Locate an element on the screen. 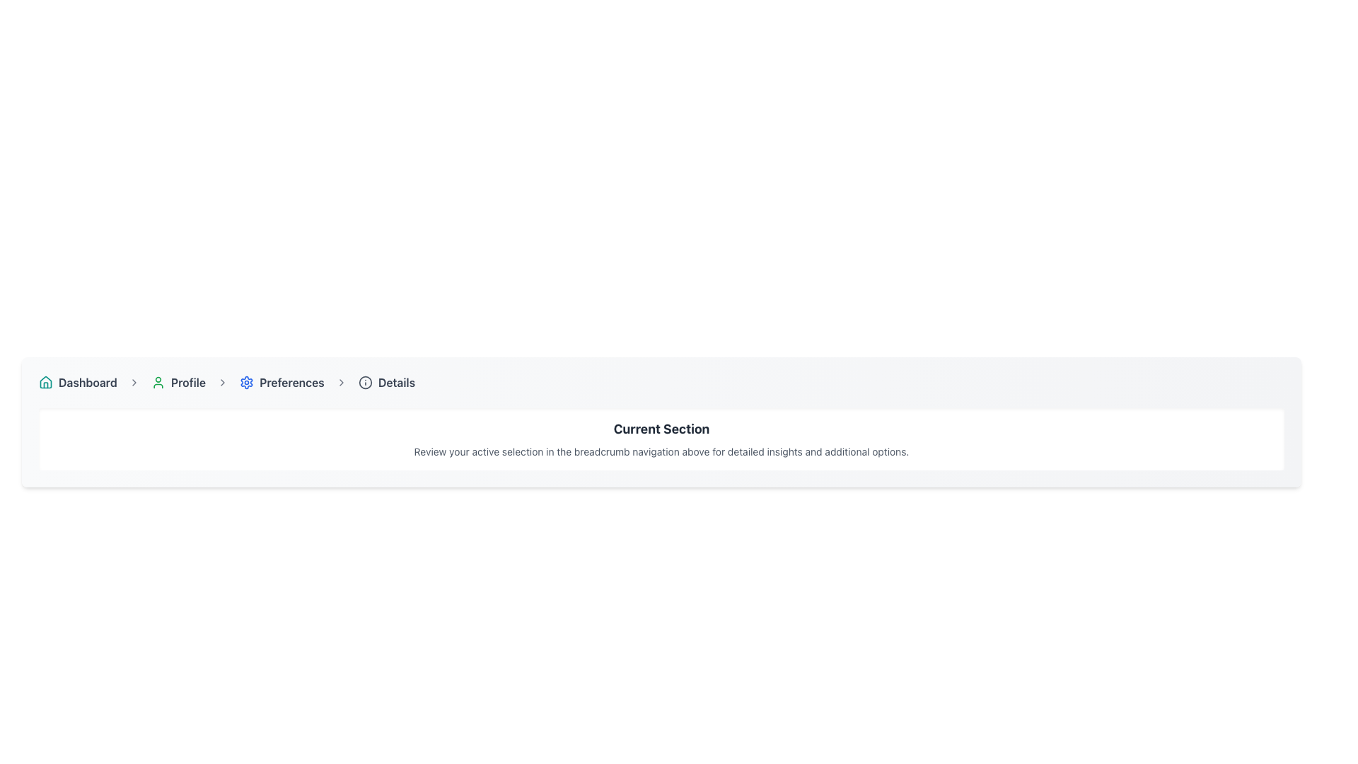 The height and width of the screenshot is (764, 1358). the explanatory text element that provides guidance related to the section, positioned directly underneath the 'Current Section' title is located at coordinates (661, 452).